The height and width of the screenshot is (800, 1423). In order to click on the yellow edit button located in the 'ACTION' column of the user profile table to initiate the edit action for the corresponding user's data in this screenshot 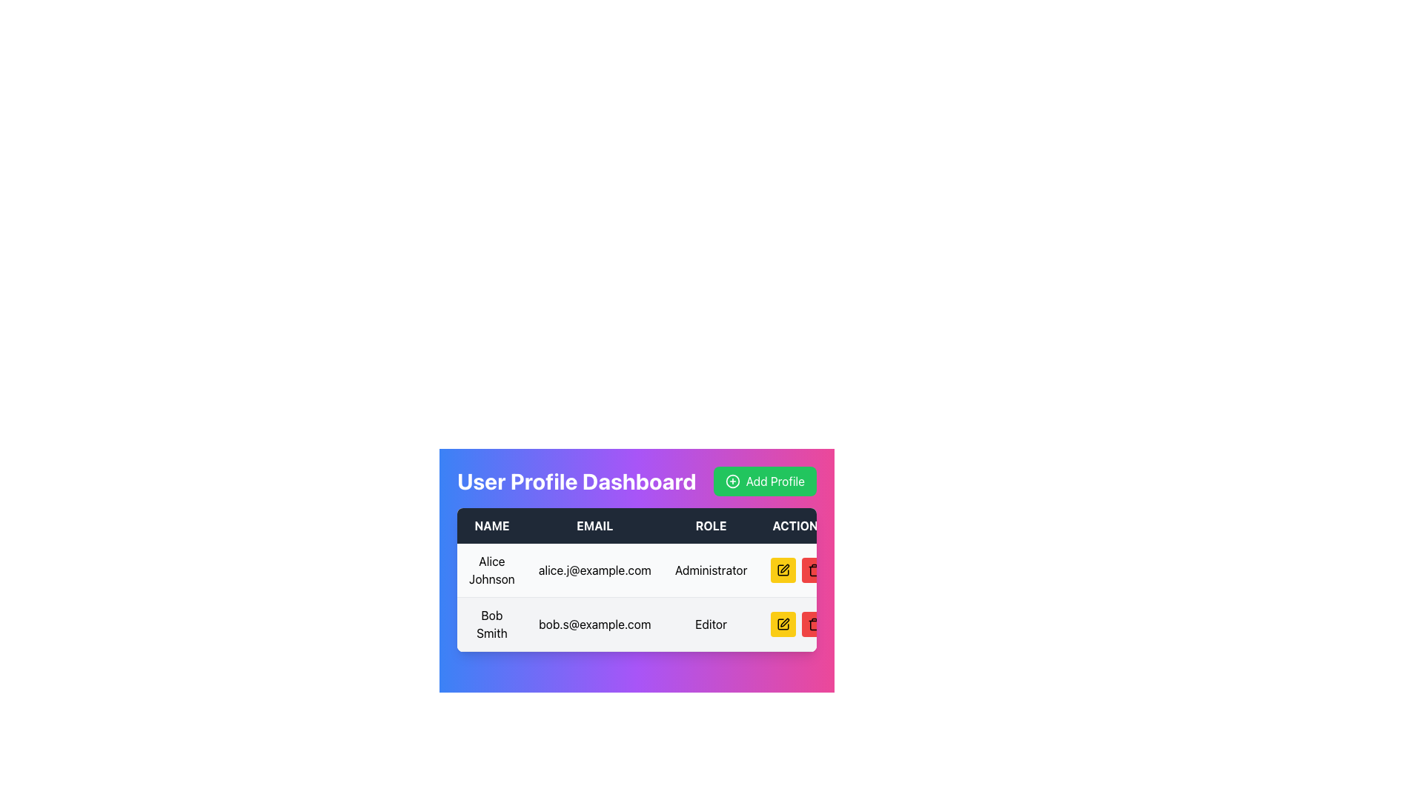, I will do `click(782, 570)`.